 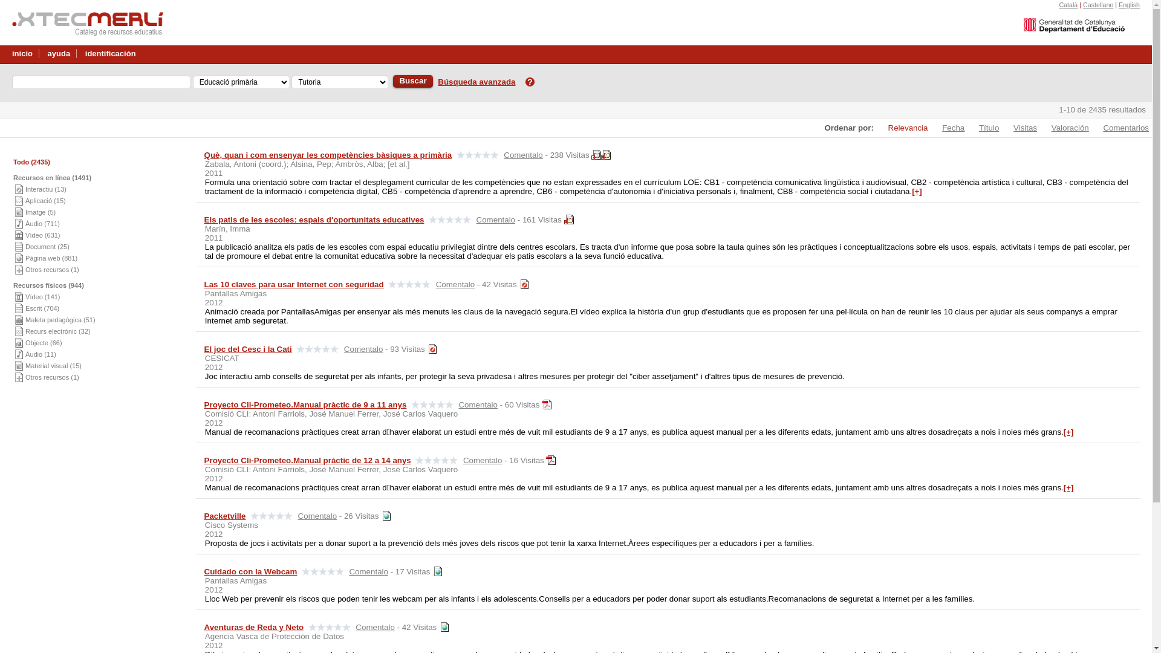 What do you see at coordinates (911, 190) in the screenshot?
I see `'[+]'` at bounding box center [911, 190].